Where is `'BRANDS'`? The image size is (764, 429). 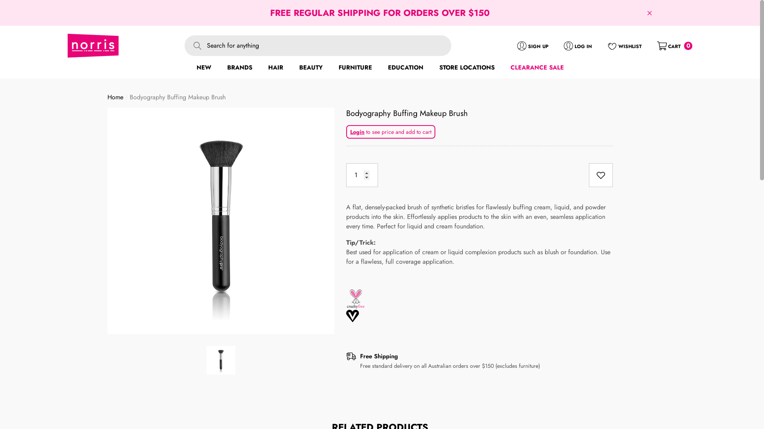
'BRANDS' is located at coordinates (239, 67).